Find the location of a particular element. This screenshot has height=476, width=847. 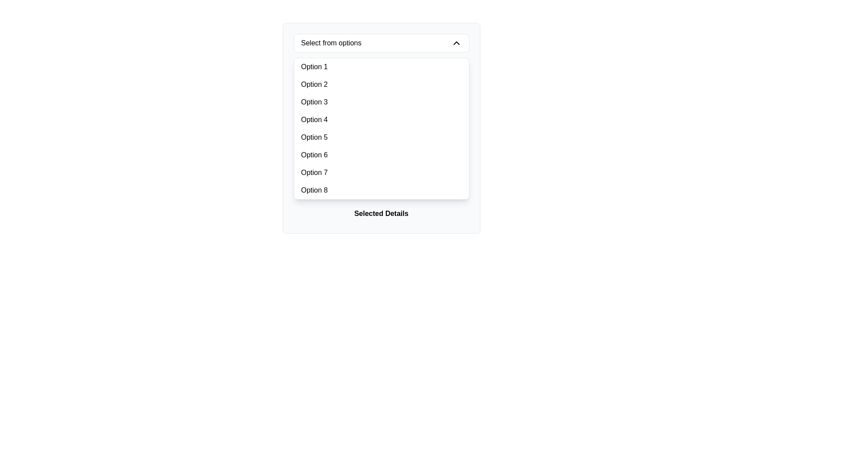

the selectable item labeled 'Option 8' in the dropdown list is located at coordinates (381, 190).